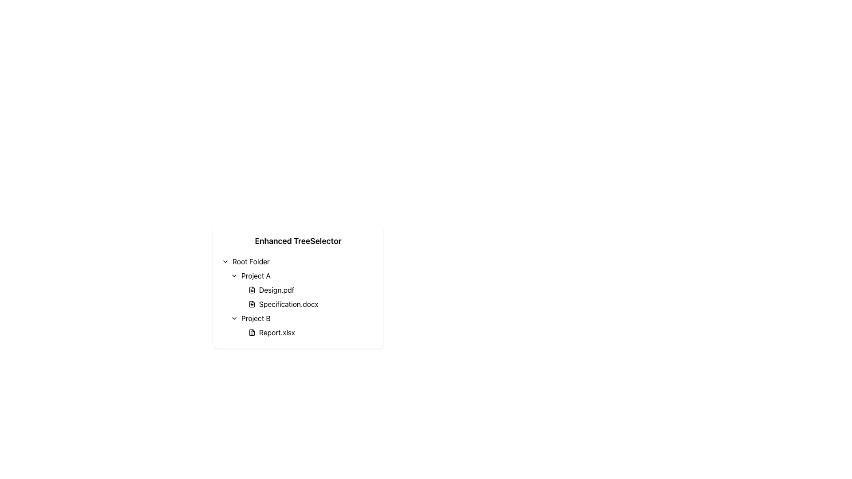 This screenshot has width=852, height=479. What do you see at coordinates (234, 318) in the screenshot?
I see `the chevron icon` at bounding box center [234, 318].